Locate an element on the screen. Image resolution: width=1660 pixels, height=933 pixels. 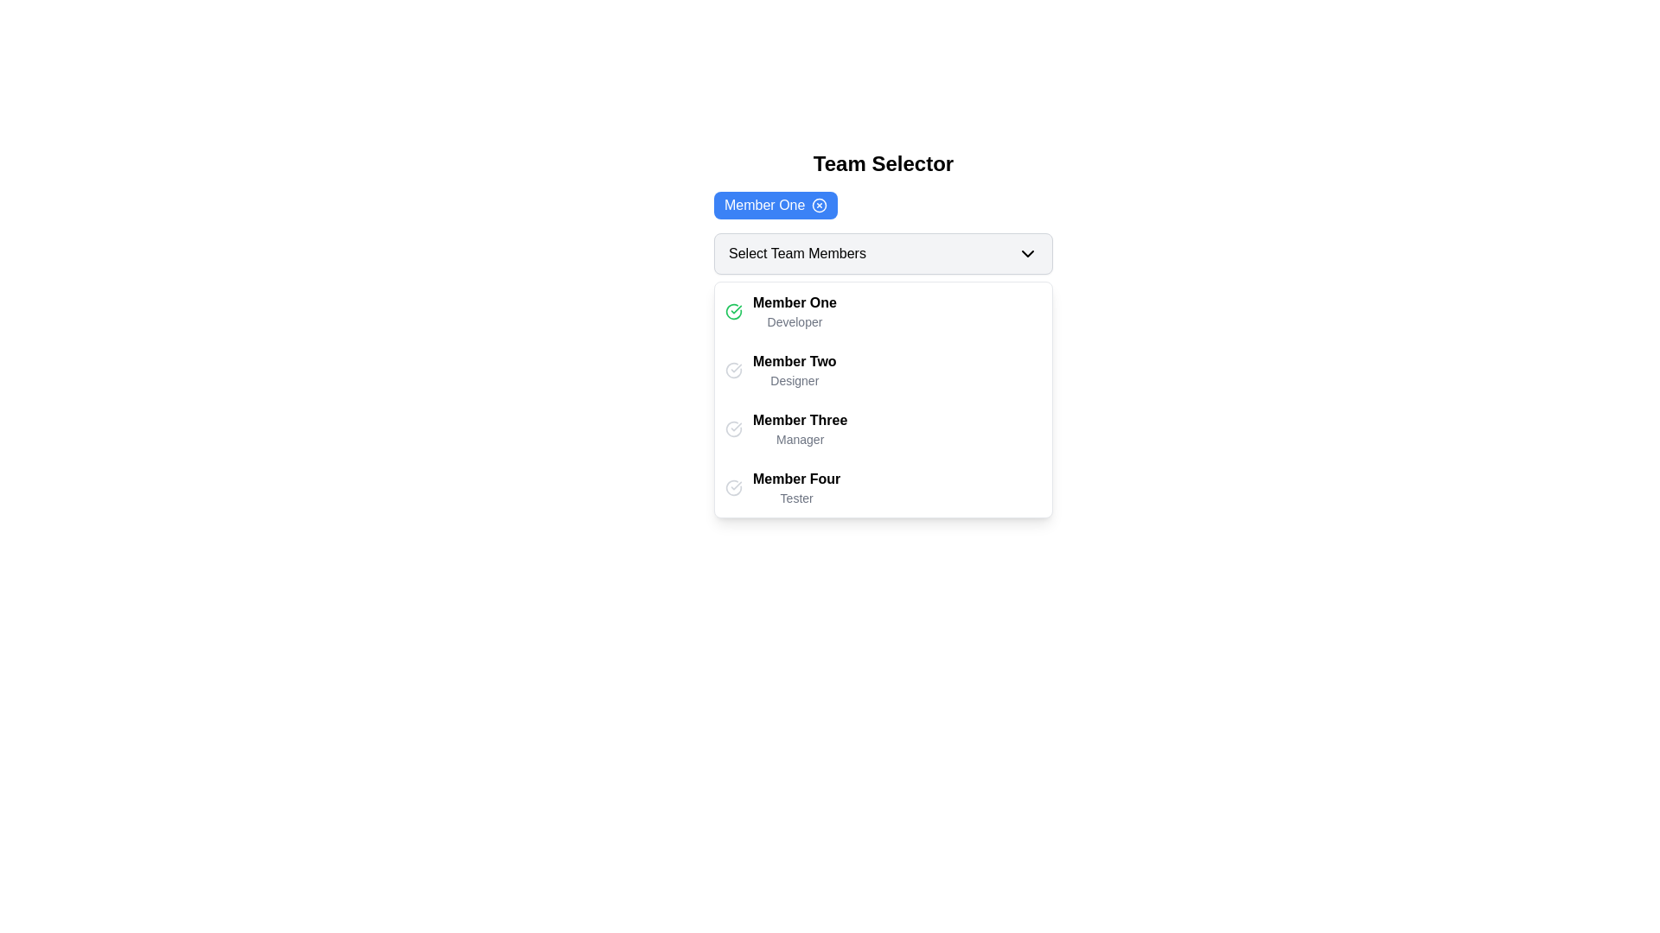
the 'Manager' text label element located below the 'Member Three' in the dropdown menu is located at coordinates (799, 439).